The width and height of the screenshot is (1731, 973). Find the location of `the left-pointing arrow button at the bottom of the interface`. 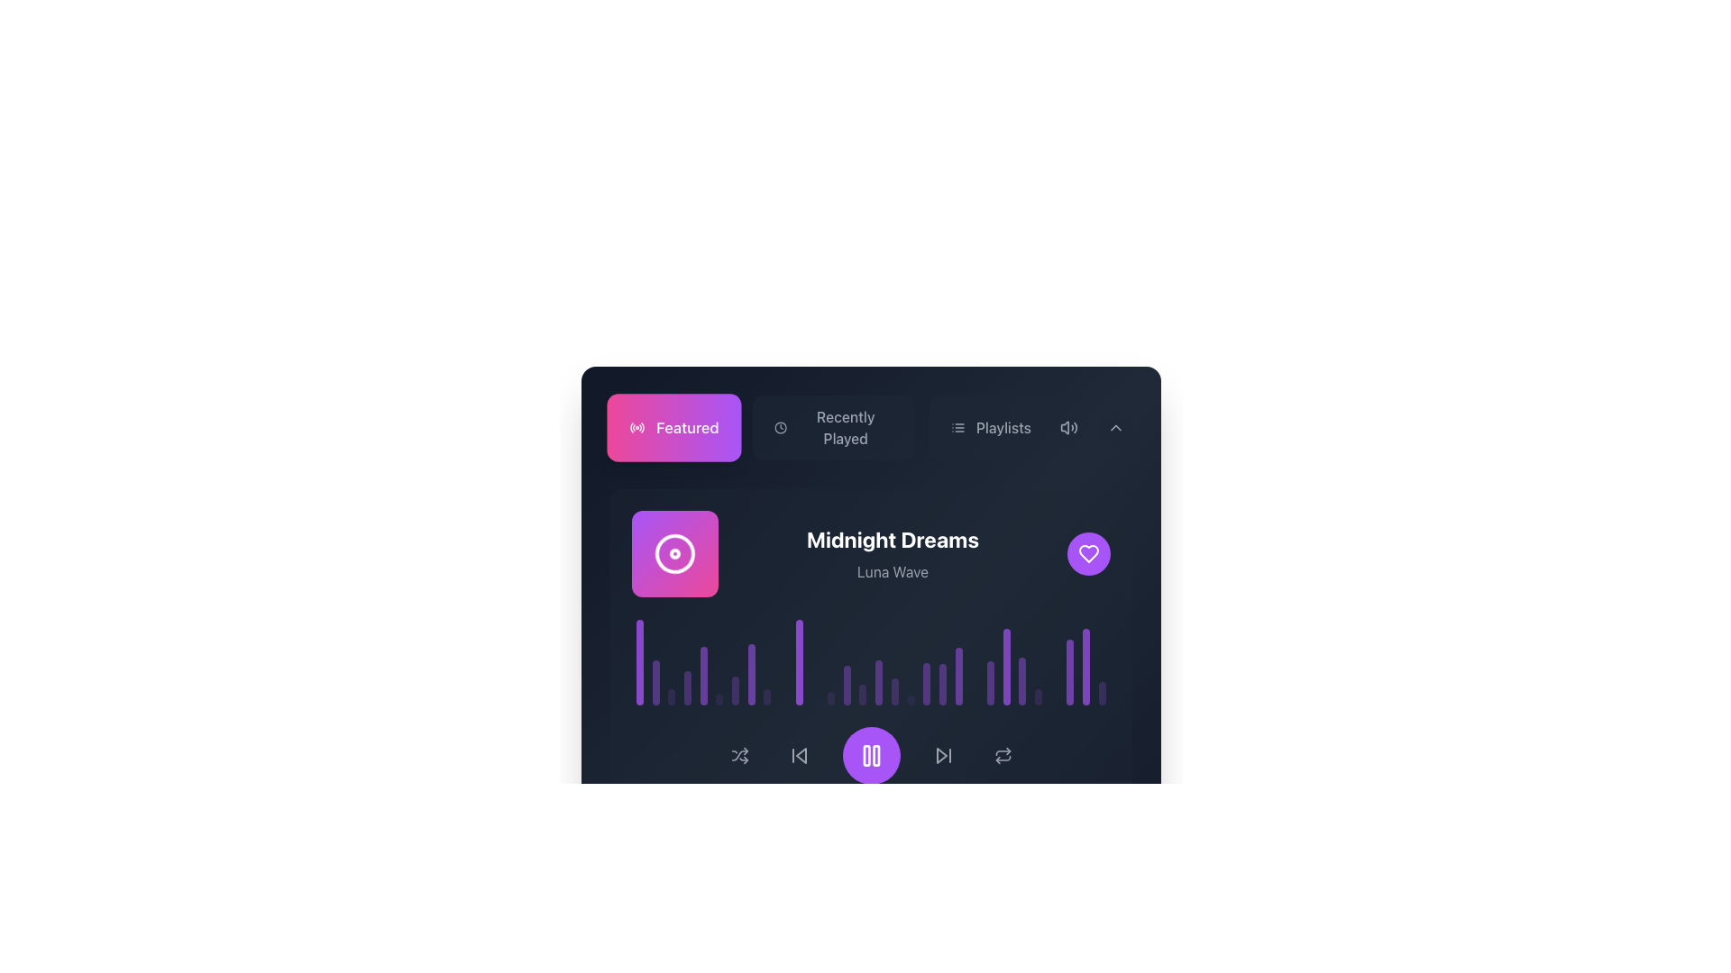

the left-pointing arrow button at the bottom of the interface is located at coordinates (800, 756).